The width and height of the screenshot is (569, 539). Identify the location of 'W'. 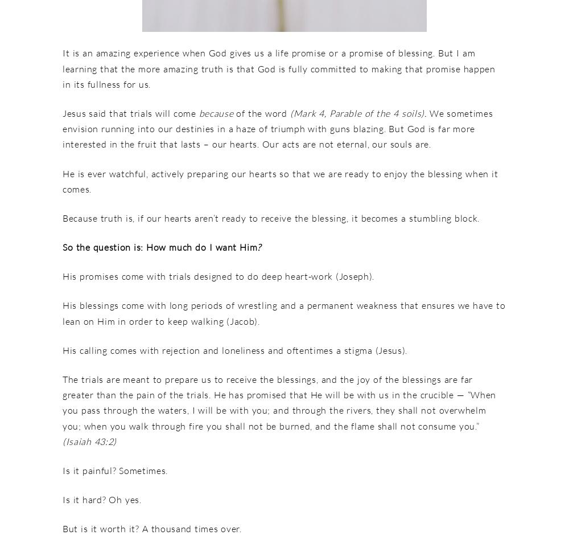
(434, 112).